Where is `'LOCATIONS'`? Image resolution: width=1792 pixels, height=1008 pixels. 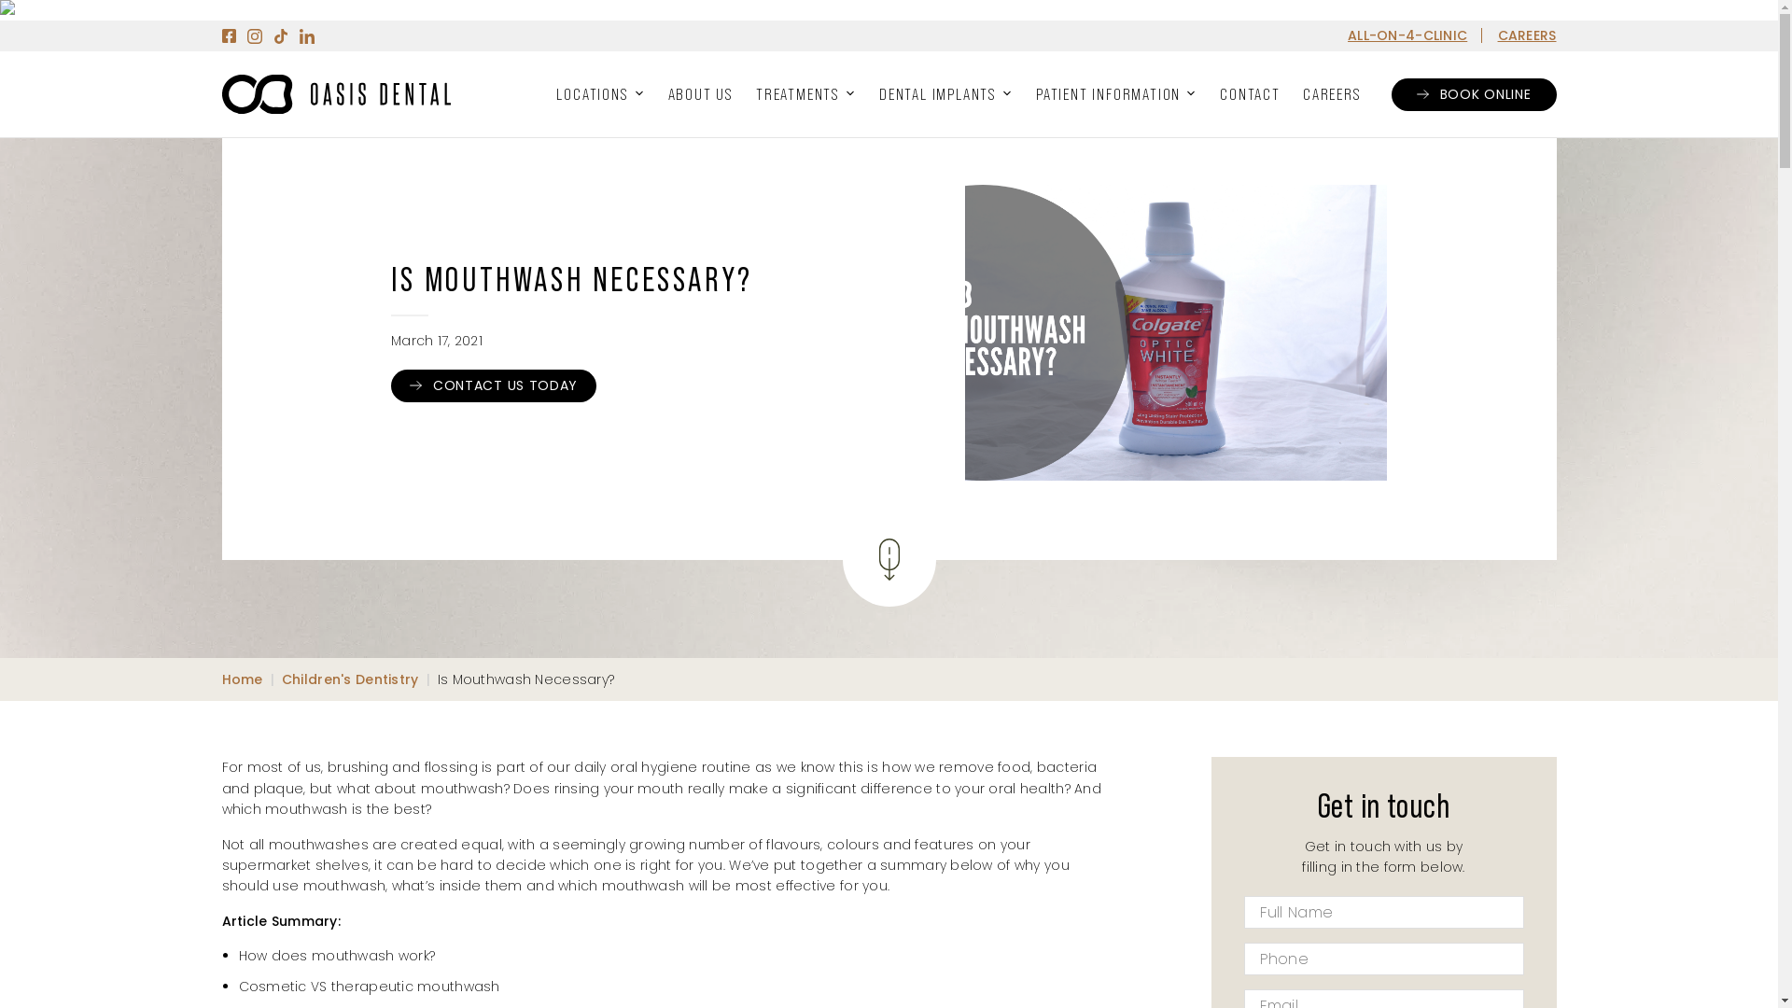
'LOCATIONS' is located at coordinates (600, 93).